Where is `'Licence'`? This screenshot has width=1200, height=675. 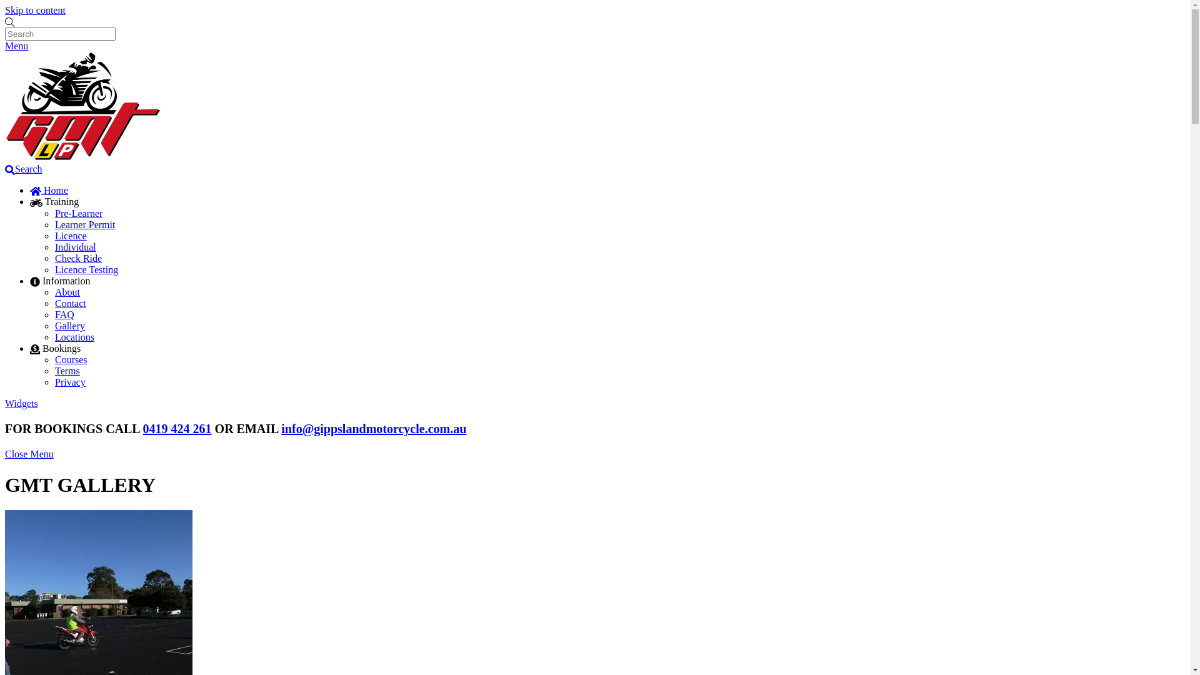
'Licence' is located at coordinates (70, 236).